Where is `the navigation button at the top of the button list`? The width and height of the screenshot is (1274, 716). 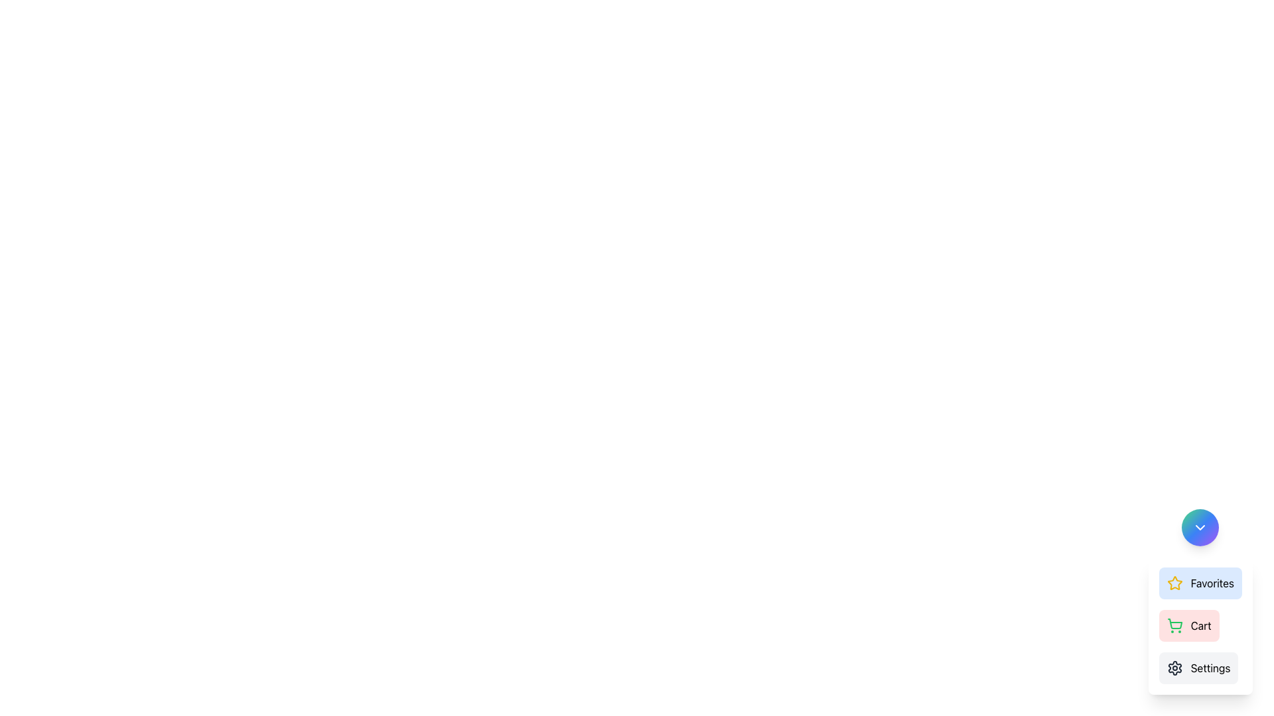 the navigation button at the top of the button list is located at coordinates (1200, 582).